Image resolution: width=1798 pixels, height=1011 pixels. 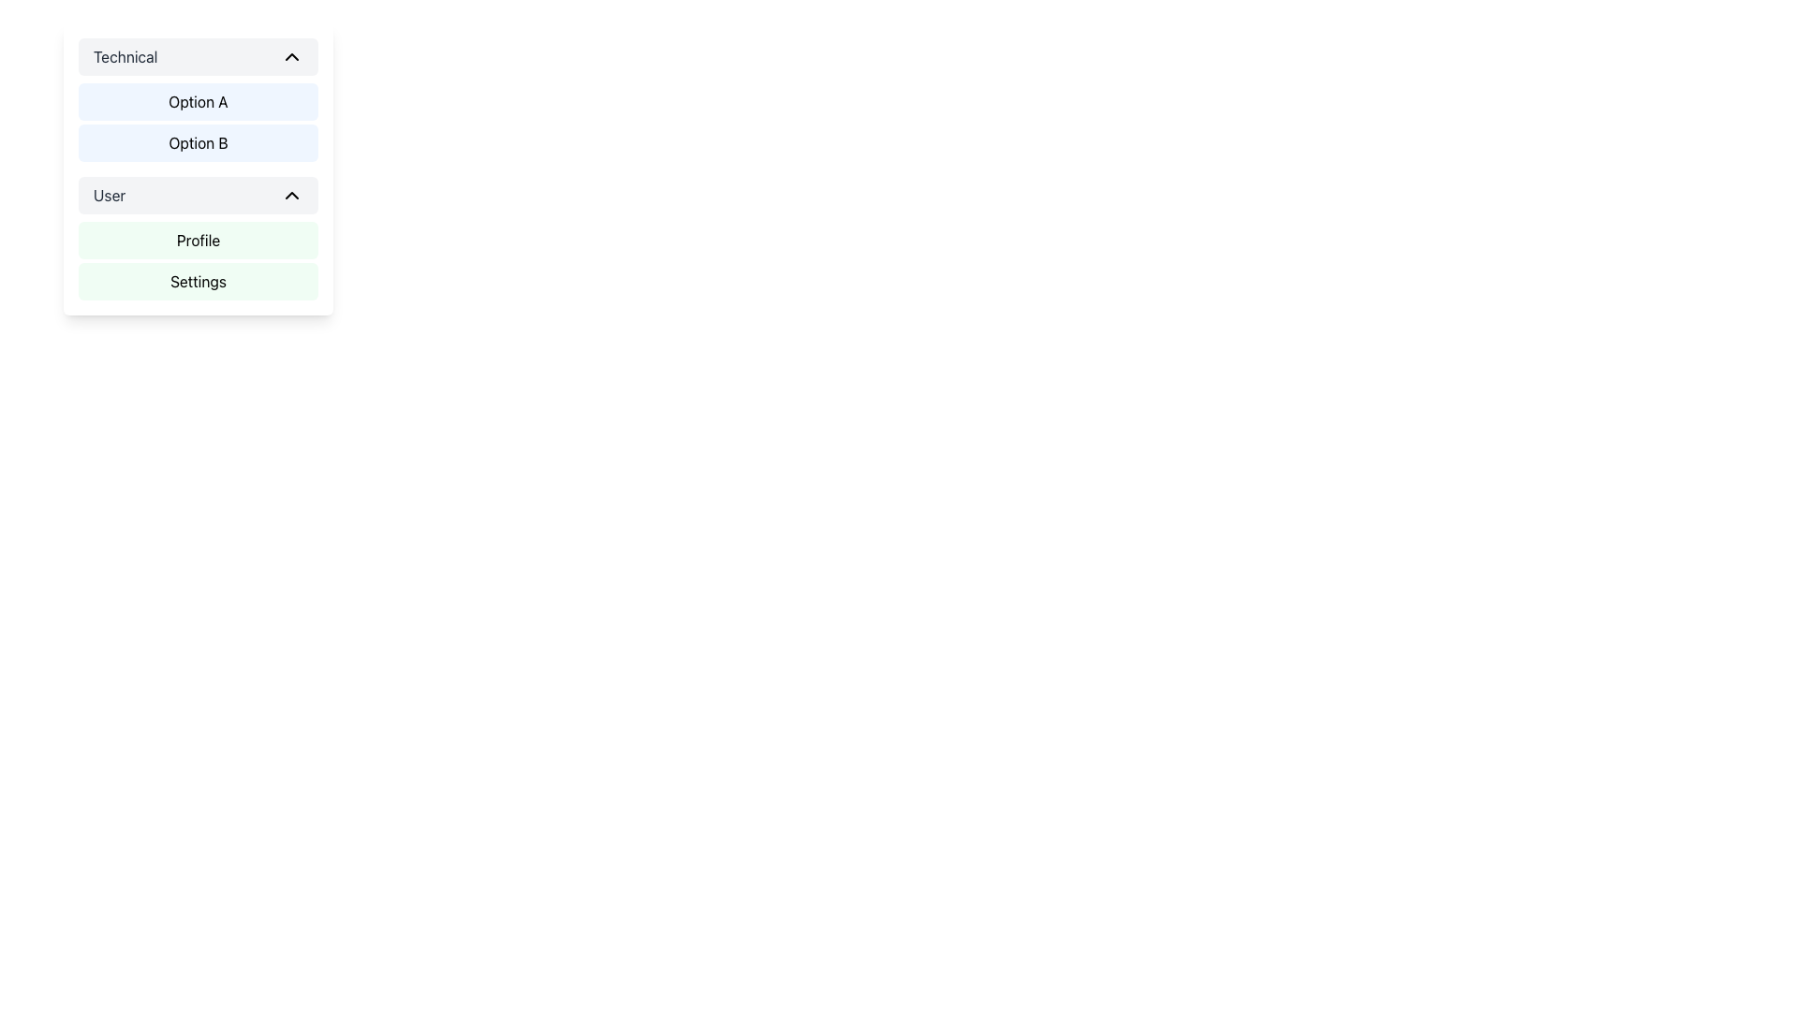 I want to click on the 'Option B' button, which is a rectangular button with a light blue background and darker blue text, so click(x=198, y=142).